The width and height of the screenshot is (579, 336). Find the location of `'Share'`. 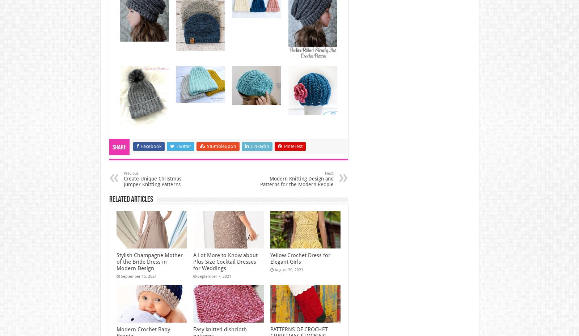

'Share' is located at coordinates (119, 147).